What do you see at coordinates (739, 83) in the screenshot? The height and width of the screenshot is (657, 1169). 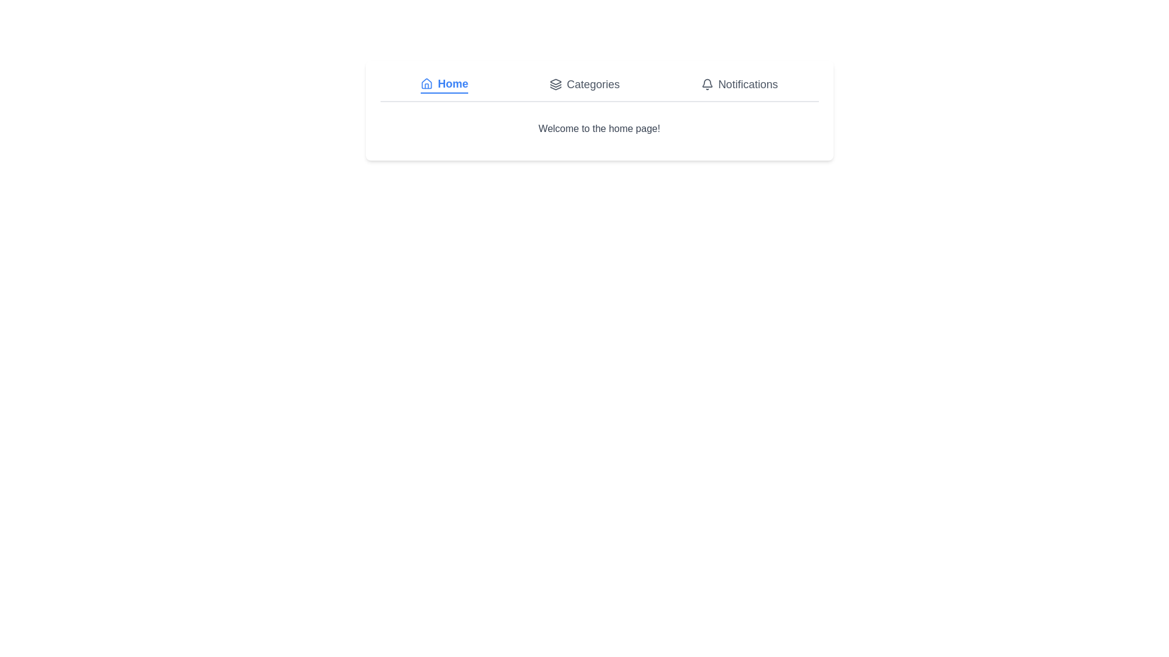 I see `the tab labeled Notifications` at bounding box center [739, 83].